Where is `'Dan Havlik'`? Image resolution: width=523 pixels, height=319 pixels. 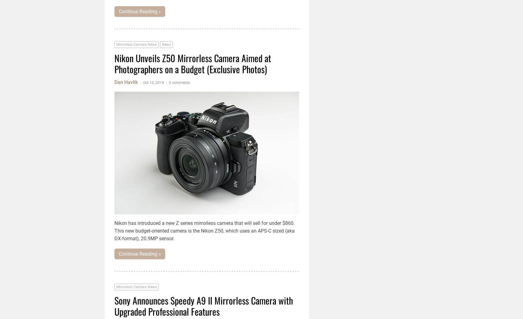 'Dan Havlik' is located at coordinates (126, 82).